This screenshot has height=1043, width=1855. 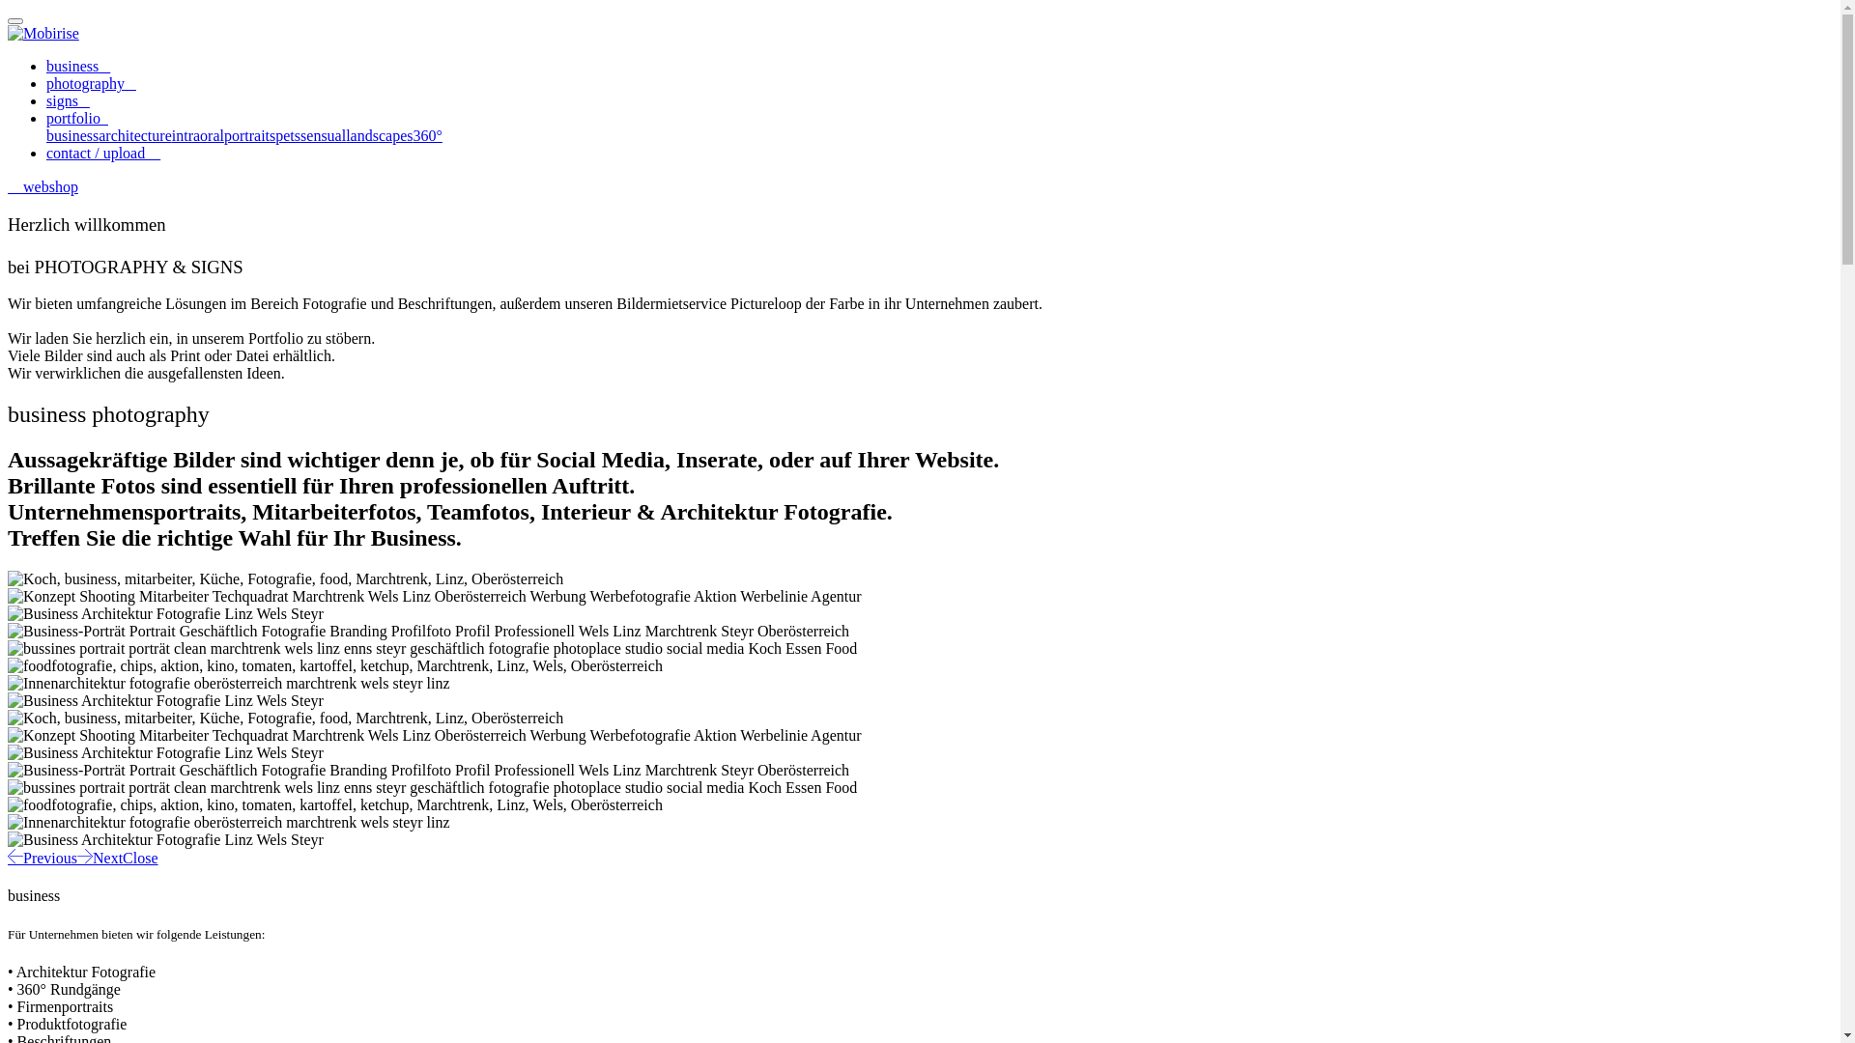 What do you see at coordinates (101, 152) in the screenshot?
I see `'contact / upload    '` at bounding box center [101, 152].